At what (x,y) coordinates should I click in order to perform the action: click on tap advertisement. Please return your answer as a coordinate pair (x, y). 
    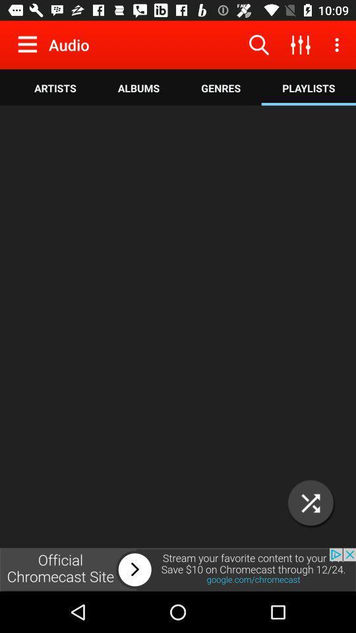
    Looking at the image, I should click on (178, 569).